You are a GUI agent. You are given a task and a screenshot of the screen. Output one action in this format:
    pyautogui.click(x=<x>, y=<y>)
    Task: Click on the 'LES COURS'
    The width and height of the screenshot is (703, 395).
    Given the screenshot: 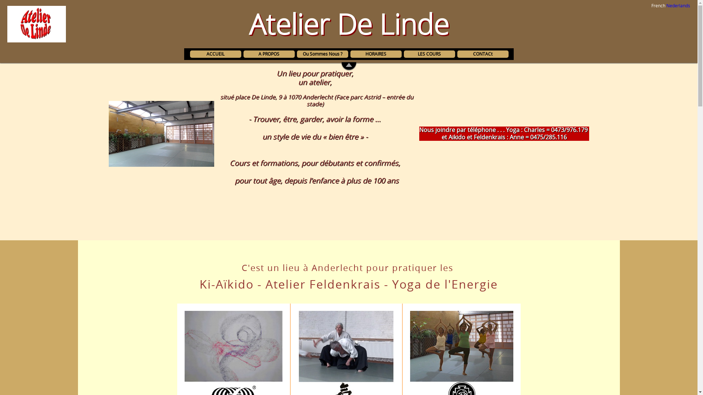 What is the action you would take?
    pyautogui.click(x=429, y=53)
    